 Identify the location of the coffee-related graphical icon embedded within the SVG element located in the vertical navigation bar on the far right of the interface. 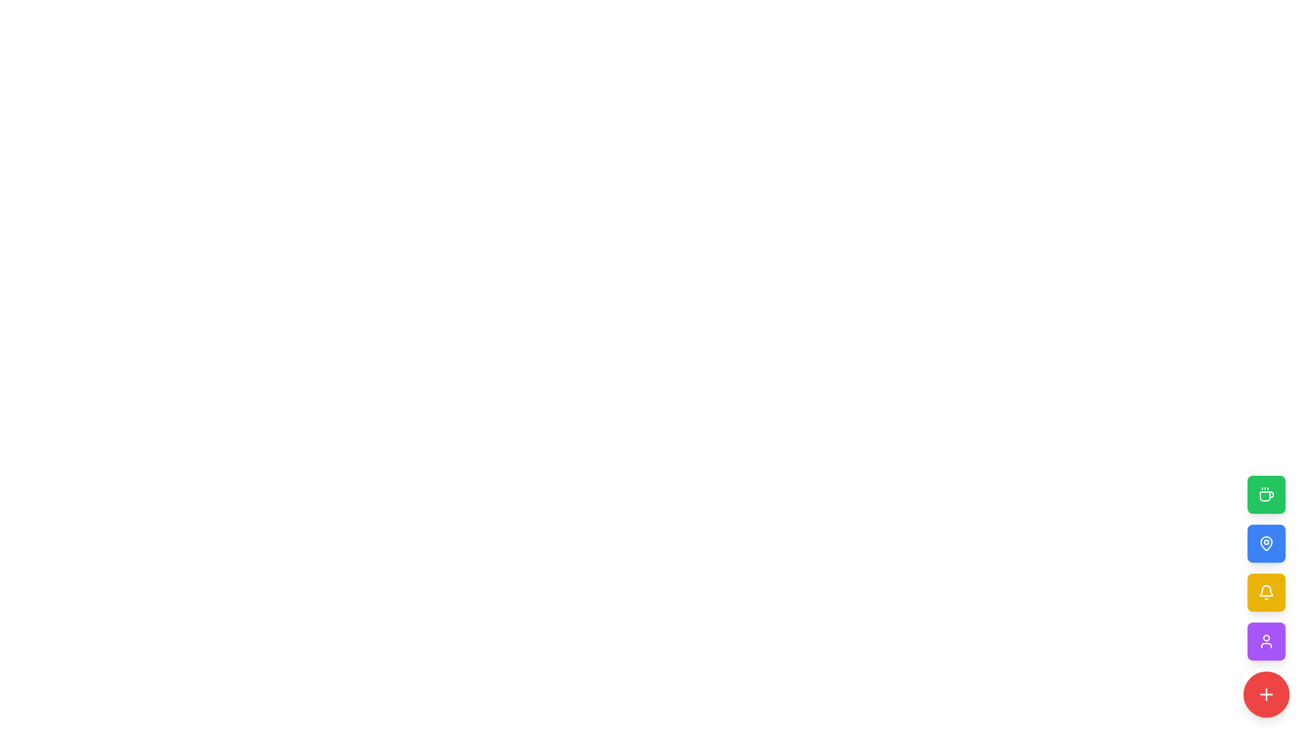
(1266, 496).